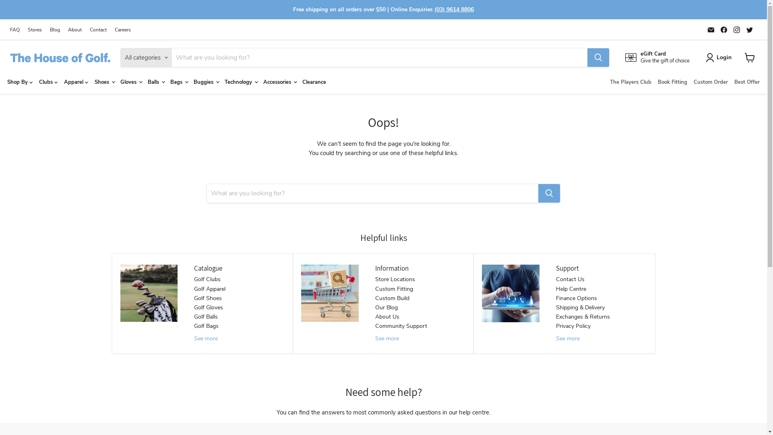  I want to click on 'Contact Us', so click(556, 279).